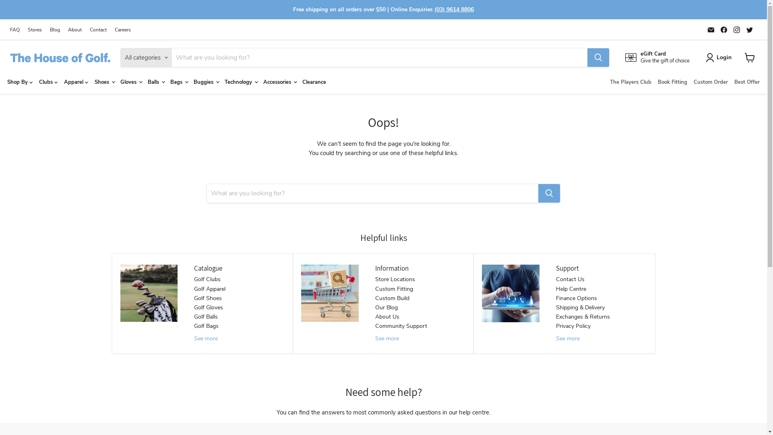  I want to click on 'Contact Us', so click(556, 279).